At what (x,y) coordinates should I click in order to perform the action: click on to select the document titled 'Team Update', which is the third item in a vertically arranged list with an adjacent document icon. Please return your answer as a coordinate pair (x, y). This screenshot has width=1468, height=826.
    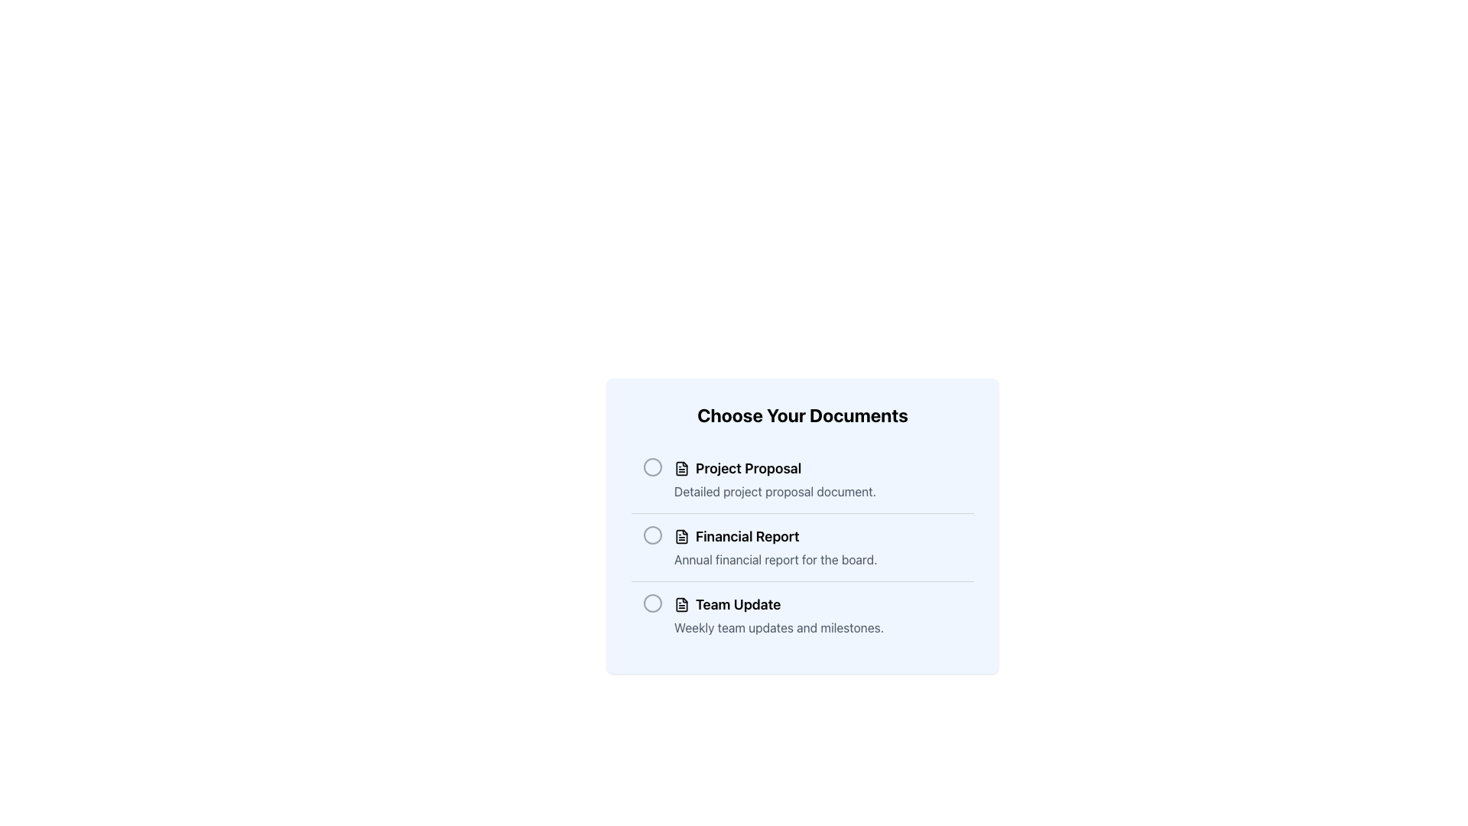
    Looking at the image, I should click on (779, 603).